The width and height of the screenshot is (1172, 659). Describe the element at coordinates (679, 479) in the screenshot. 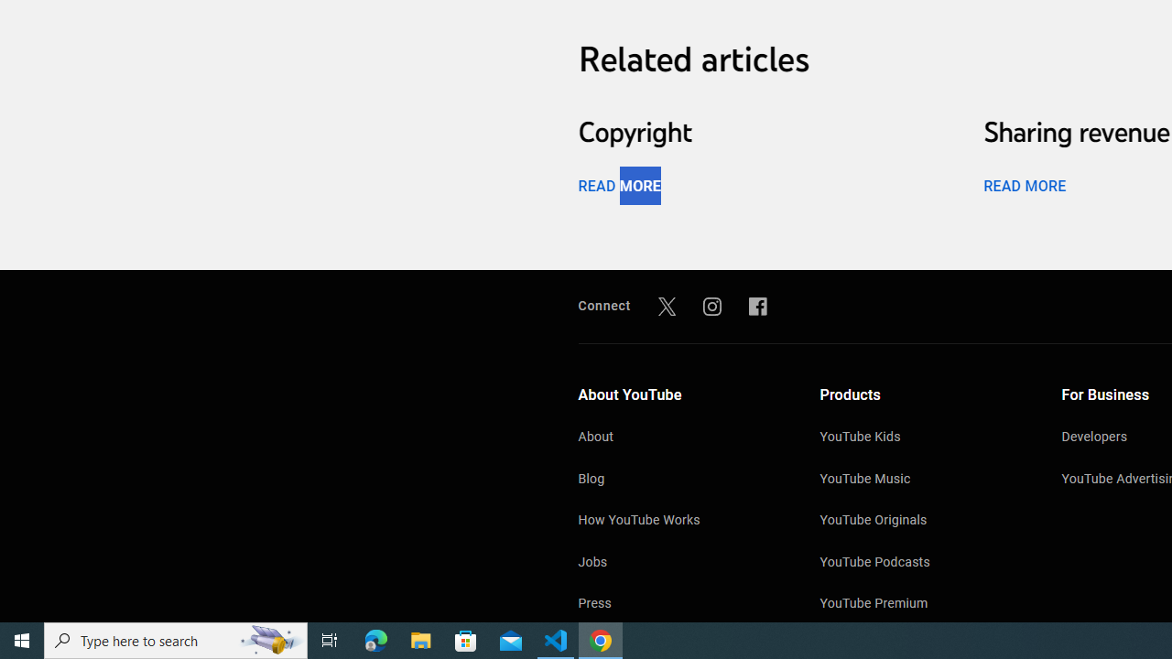

I see `'Blog'` at that location.